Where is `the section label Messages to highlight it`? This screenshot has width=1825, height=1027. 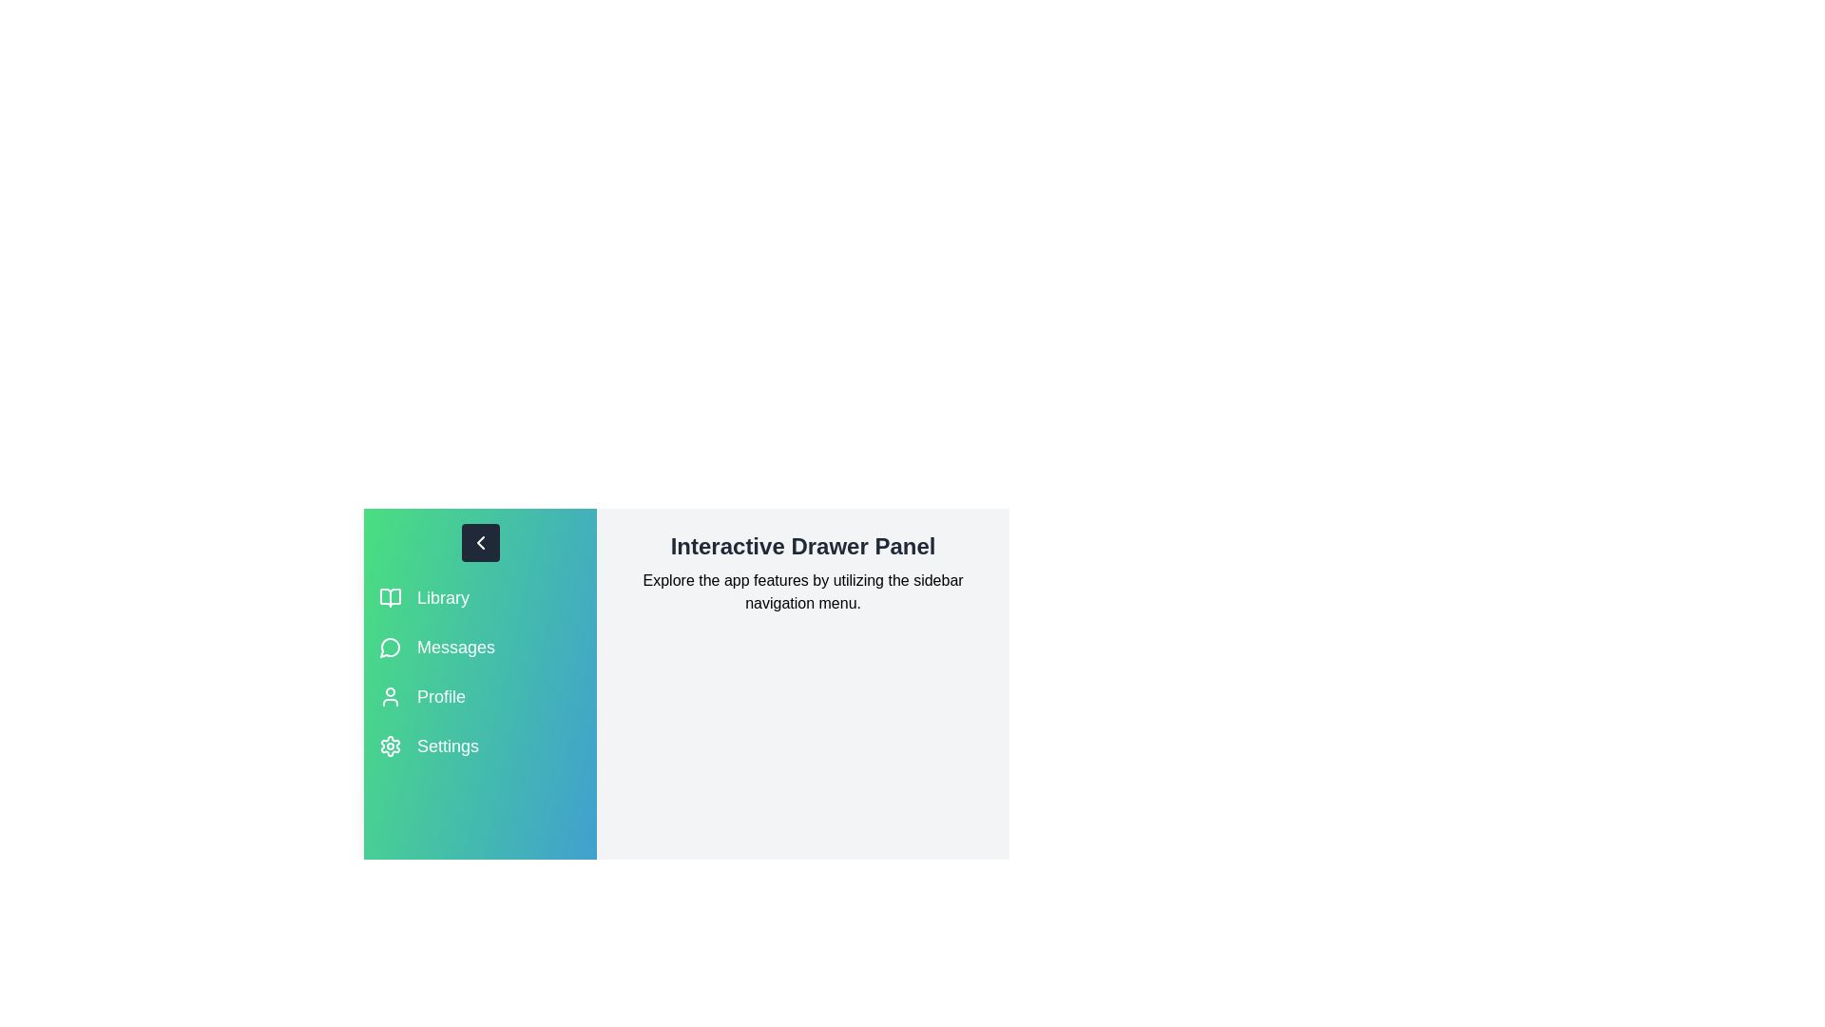
the section label Messages to highlight it is located at coordinates (456, 647).